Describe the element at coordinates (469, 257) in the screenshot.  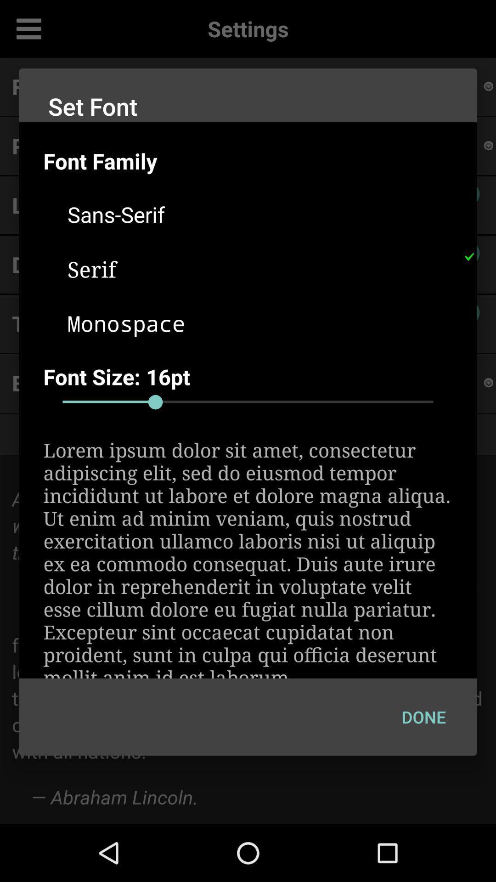
I see `item next to the serif icon` at that location.